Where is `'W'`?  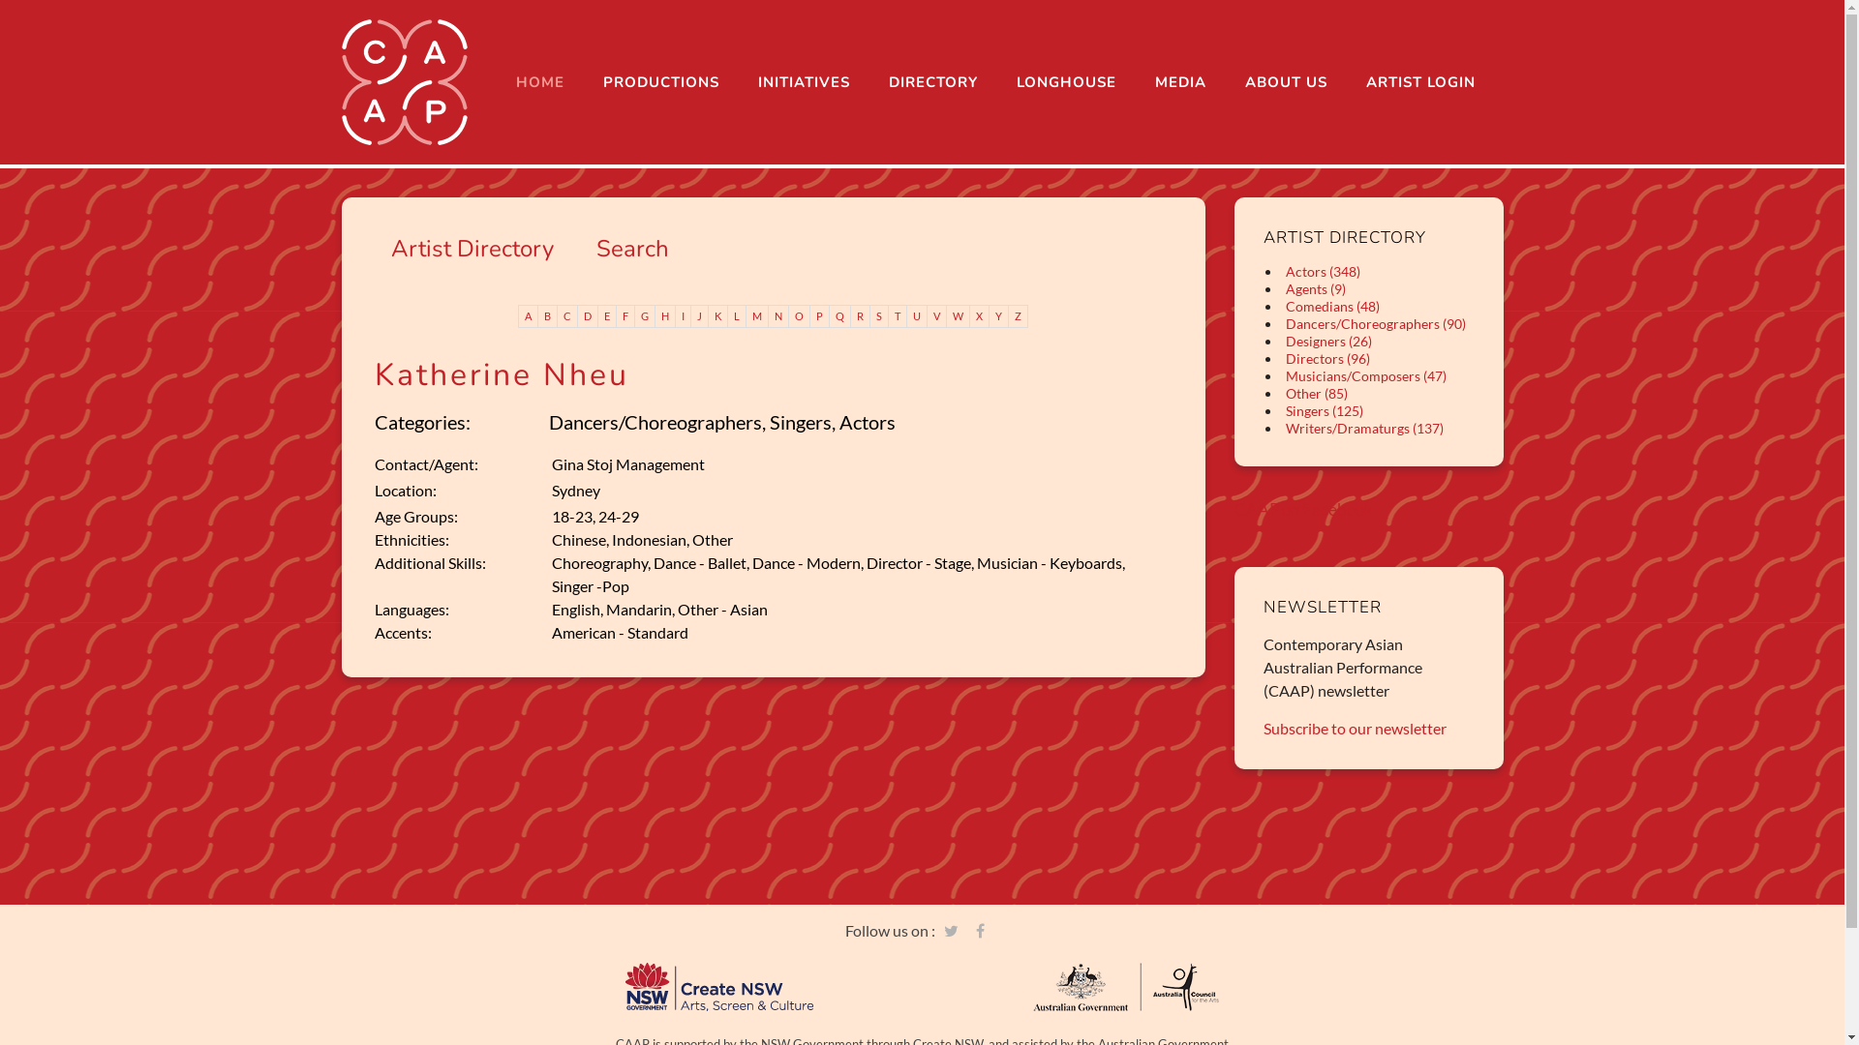
'W' is located at coordinates (958, 315).